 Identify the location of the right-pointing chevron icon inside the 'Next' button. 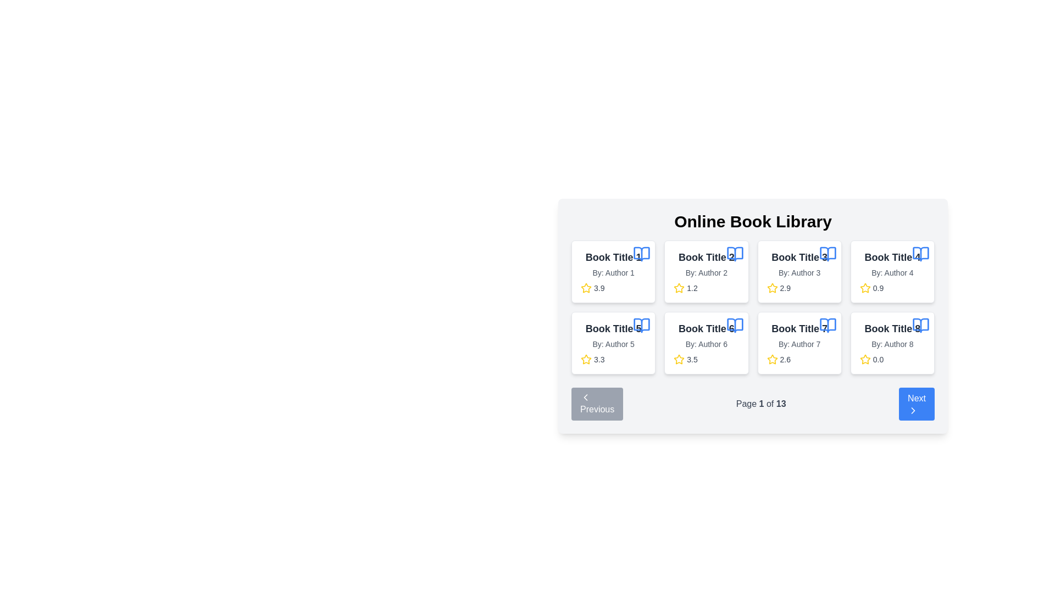
(913, 411).